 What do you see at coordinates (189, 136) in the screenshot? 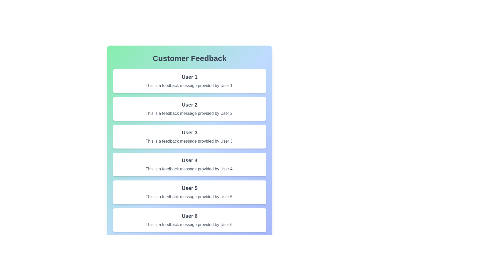
I see `the informational feedback card titled 'User 3', which contains the feedback message 'This is a feedback message provided by User 3.' and is the third card in the vertical list of feedback cards` at bounding box center [189, 136].